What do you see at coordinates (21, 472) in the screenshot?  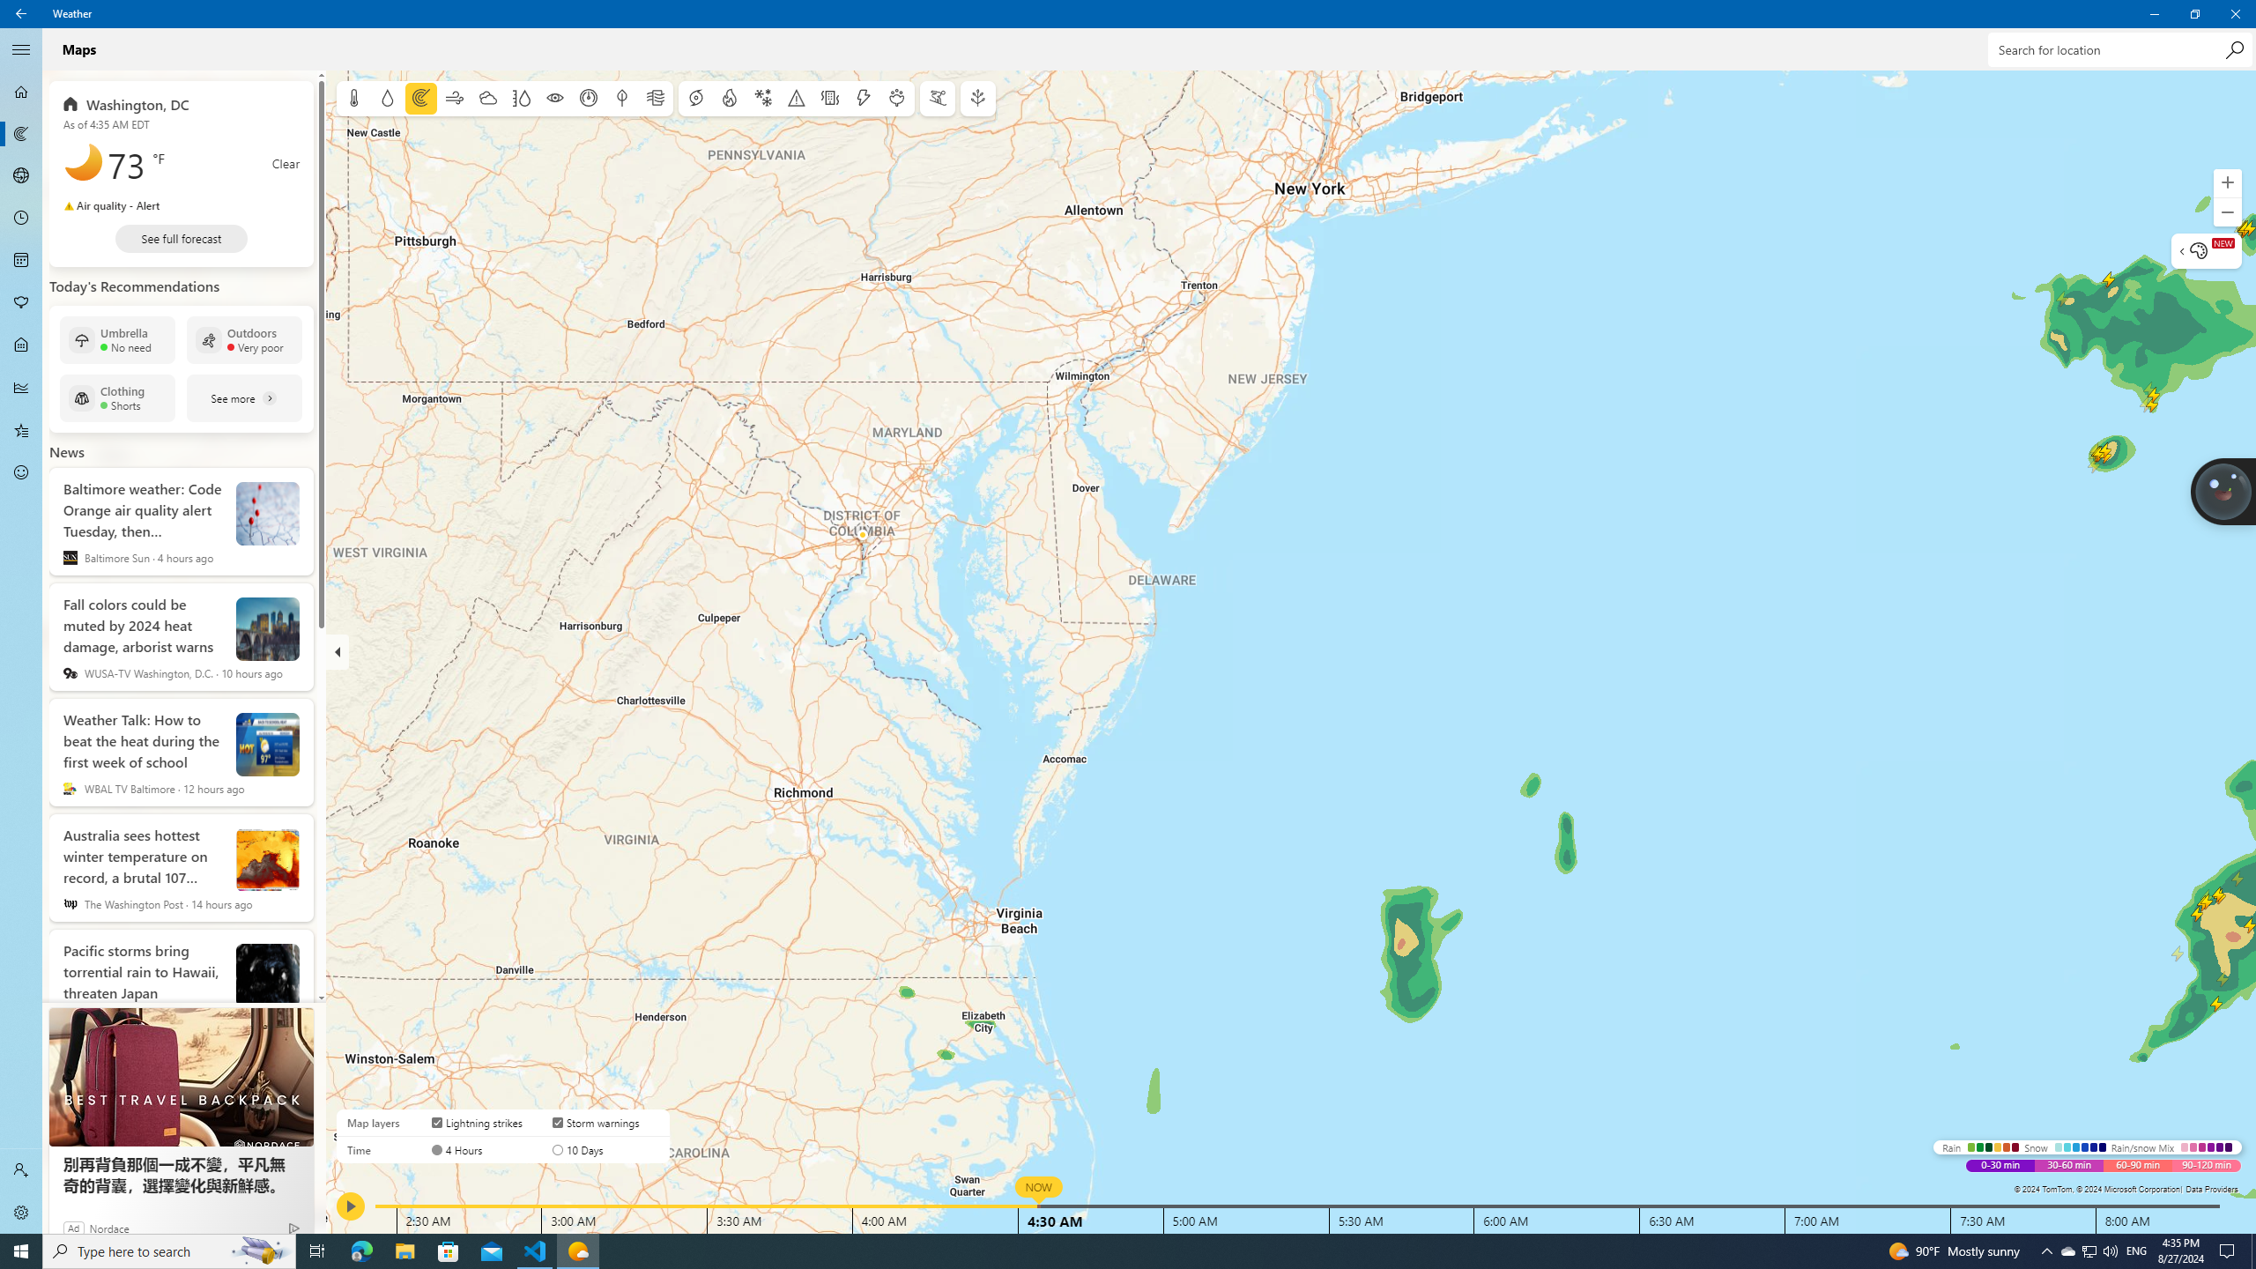 I see `'Send Feedback - Not Selected'` at bounding box center [21, 472].